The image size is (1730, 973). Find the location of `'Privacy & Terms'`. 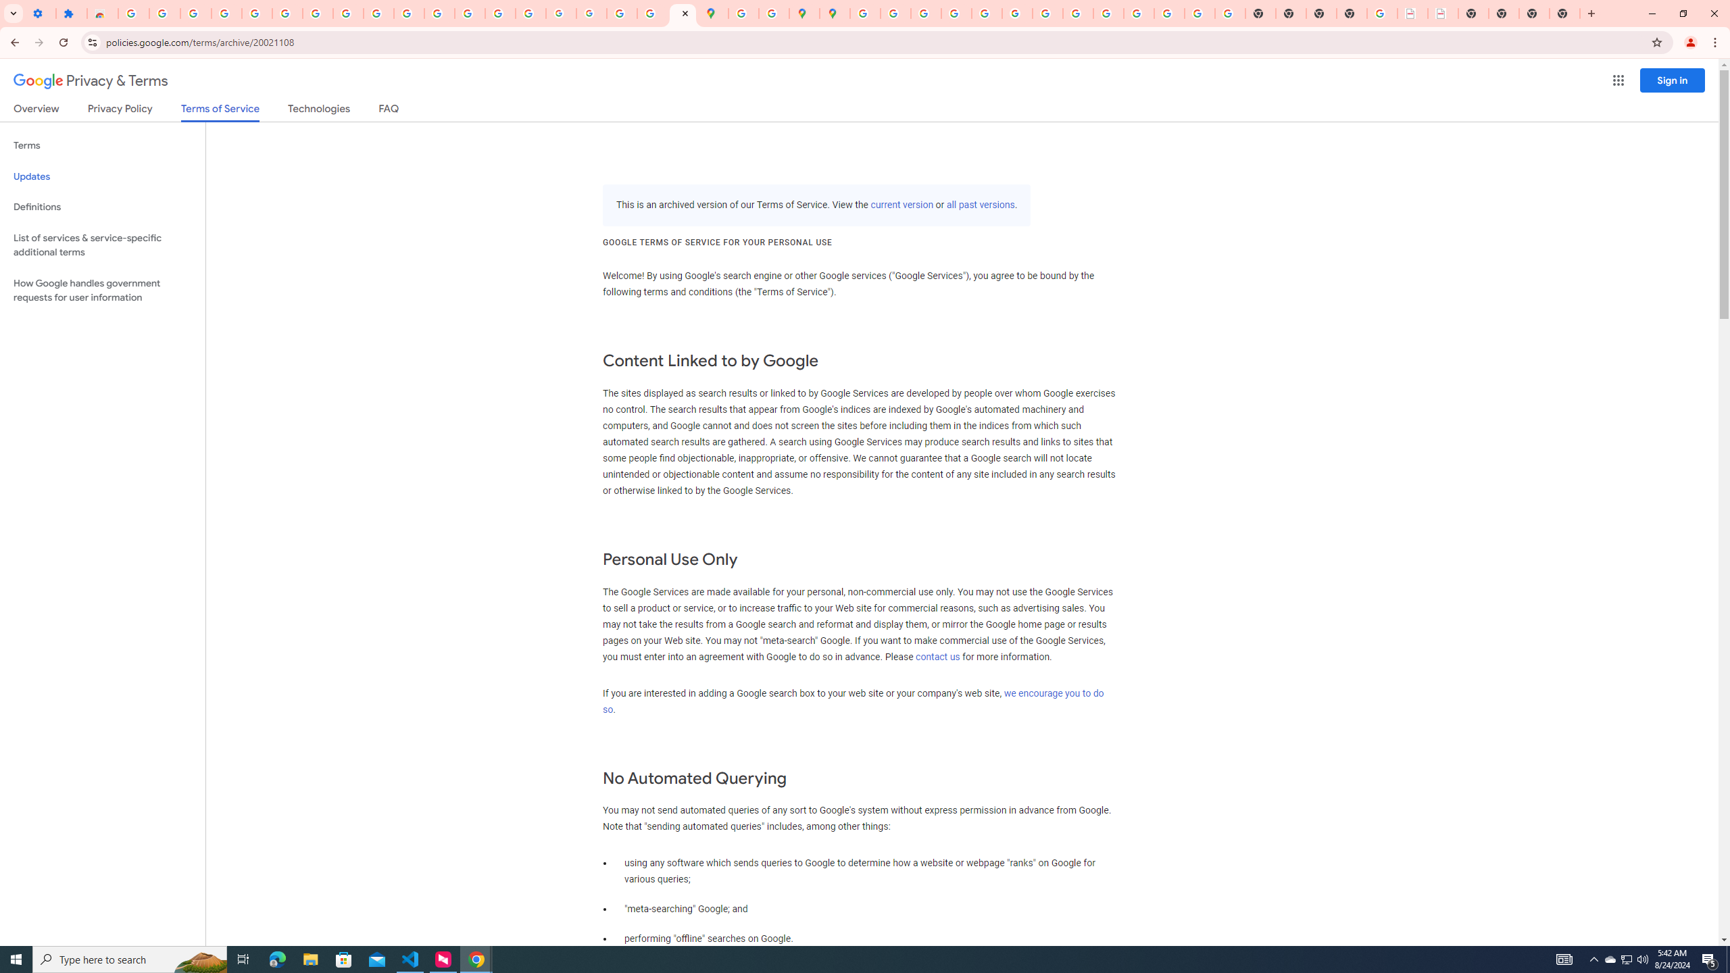

'Privacy & Terms' is located at coordinates (91, 80).